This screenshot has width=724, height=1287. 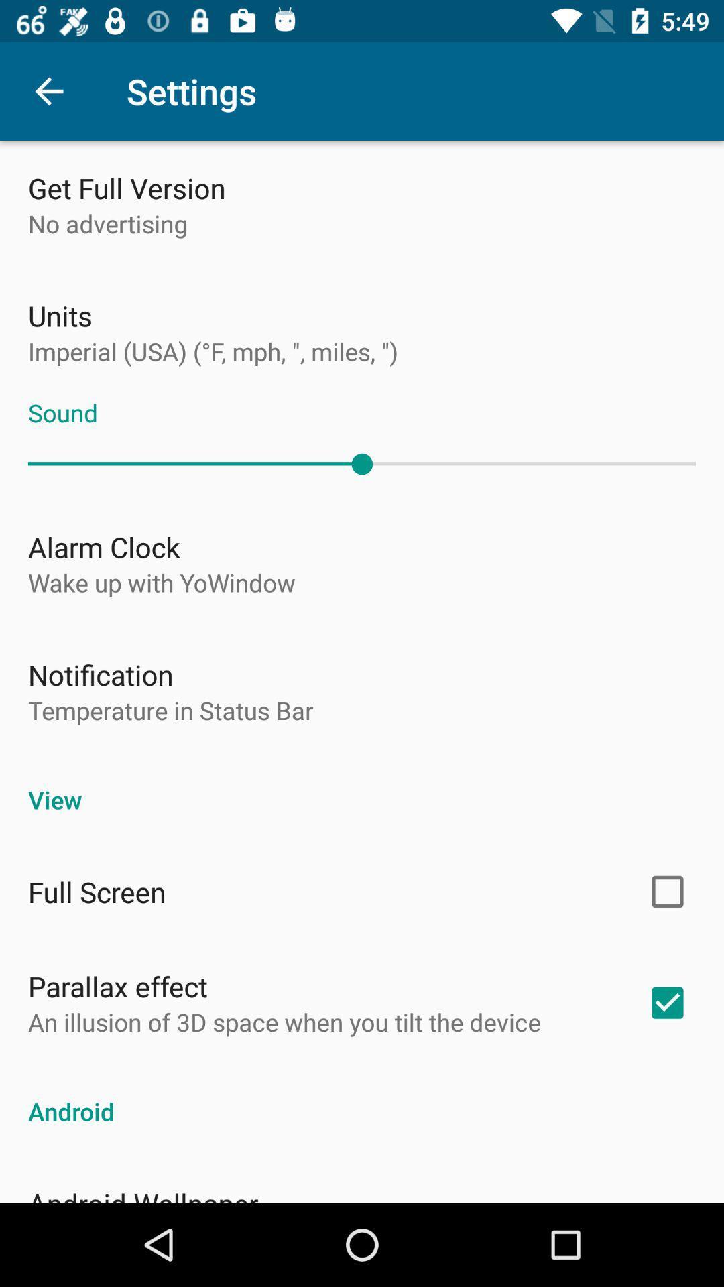 What do you see at coordinates (48, 90) in the screenshot?
I see `the item next to the settings` at bounding box center [48, 90].